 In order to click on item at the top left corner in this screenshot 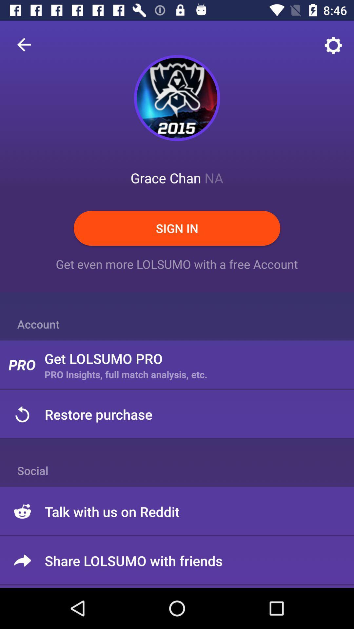, I will do `click(24, 44)`.